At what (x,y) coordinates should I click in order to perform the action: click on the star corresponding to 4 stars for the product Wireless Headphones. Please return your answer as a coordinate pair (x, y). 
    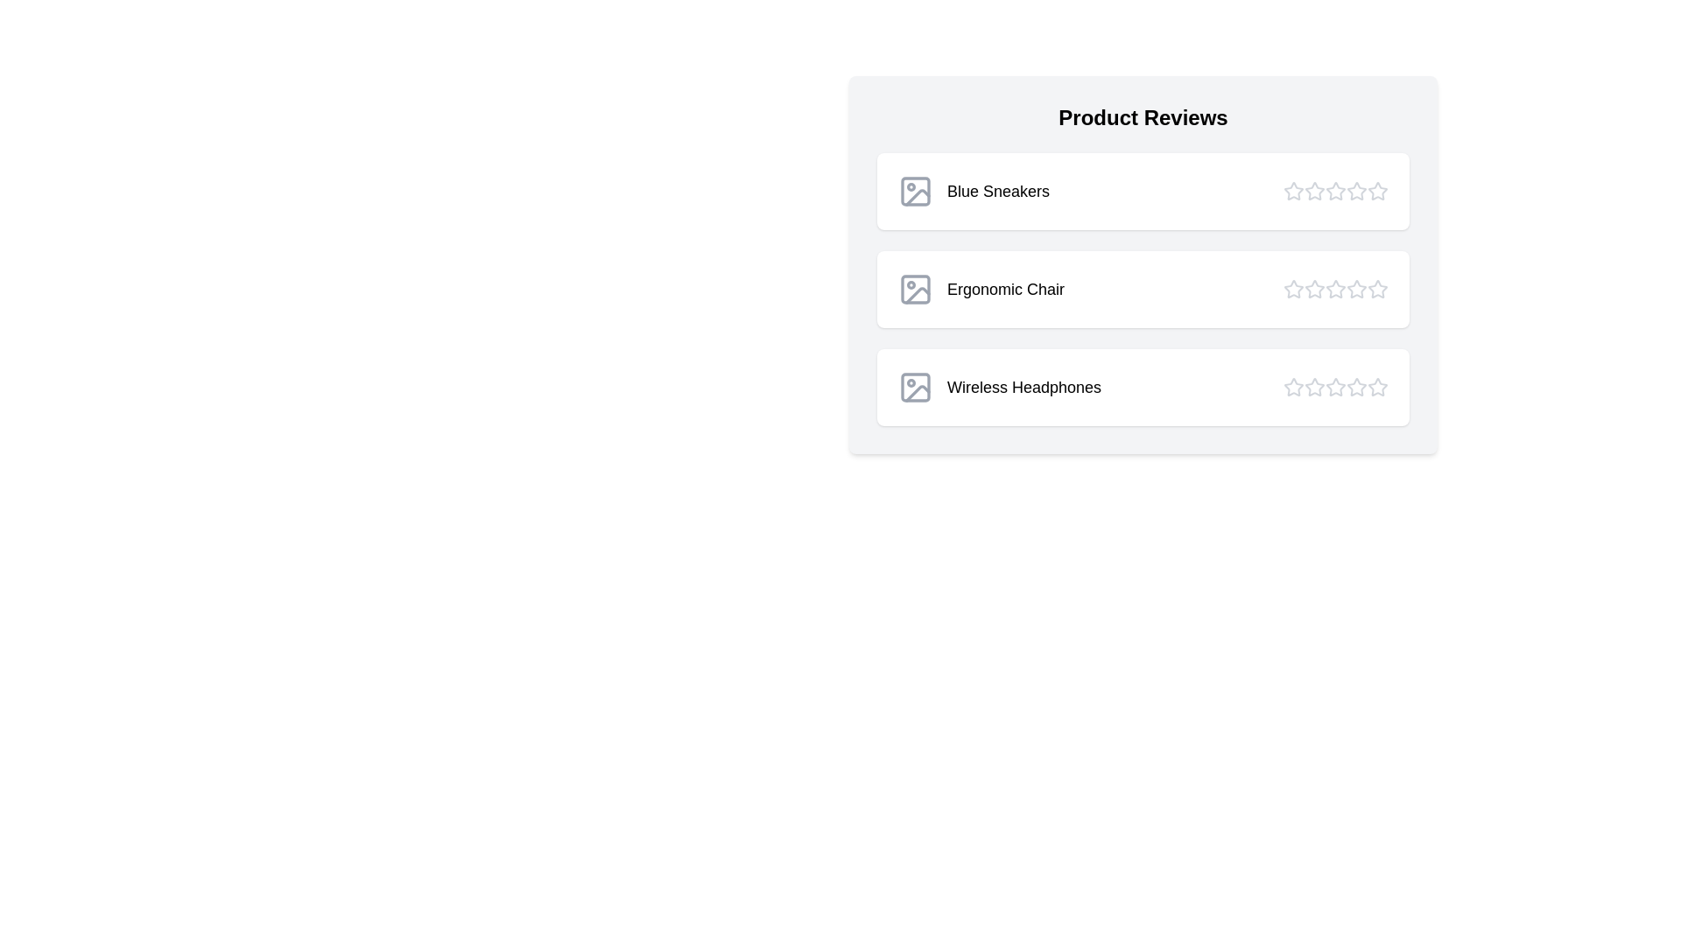
    Looking at the image, I should click on (1356, 387).